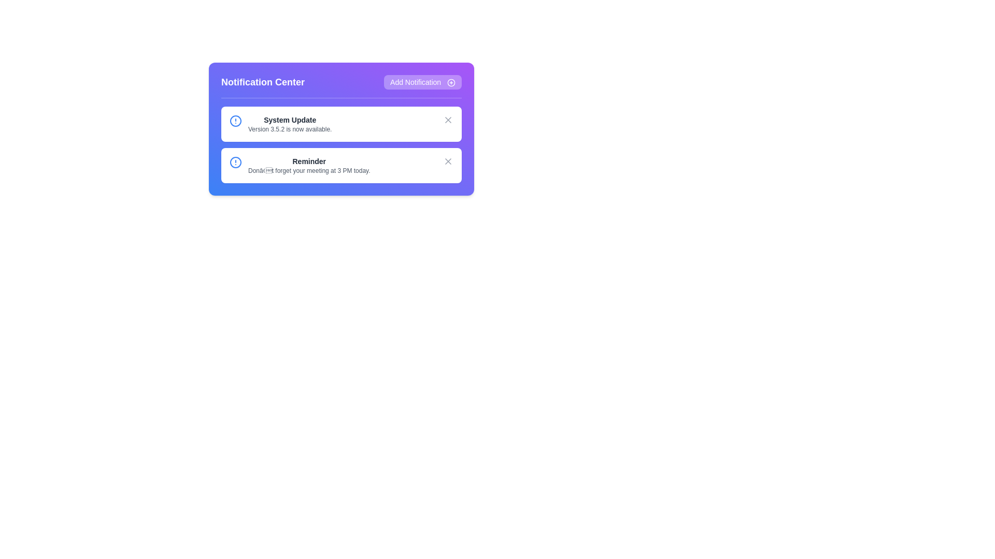 The height and width of the screenshot is (559, 995). What do you see at coordinates (263, 81) in the screenshot?
I see `the header text labeled 'Notification Center', which is displayed in white, bold font on a purple background` at bounding box center [263, 81].